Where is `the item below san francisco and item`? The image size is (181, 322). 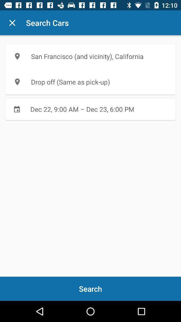
the item below san francisco and item is located at coordinates (90, 82).